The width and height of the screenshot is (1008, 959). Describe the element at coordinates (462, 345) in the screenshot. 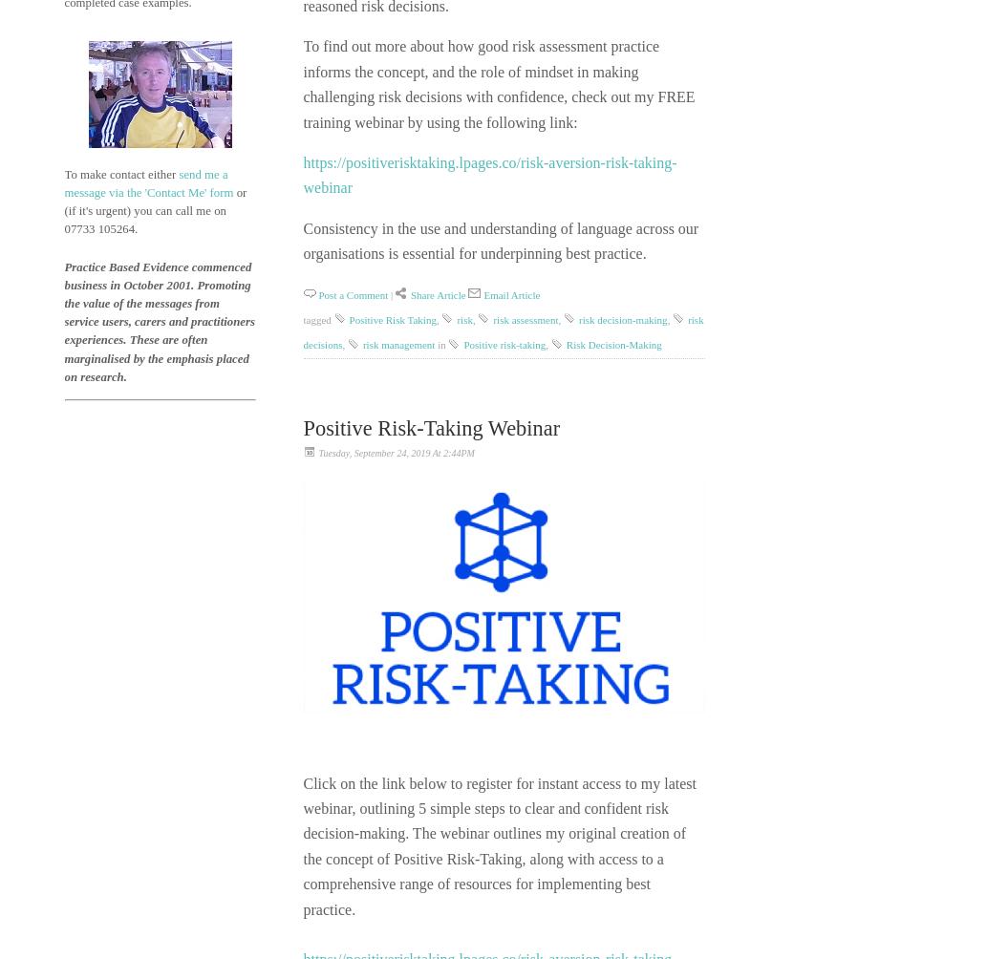

I see `'Positive risk-taking'` at that location.